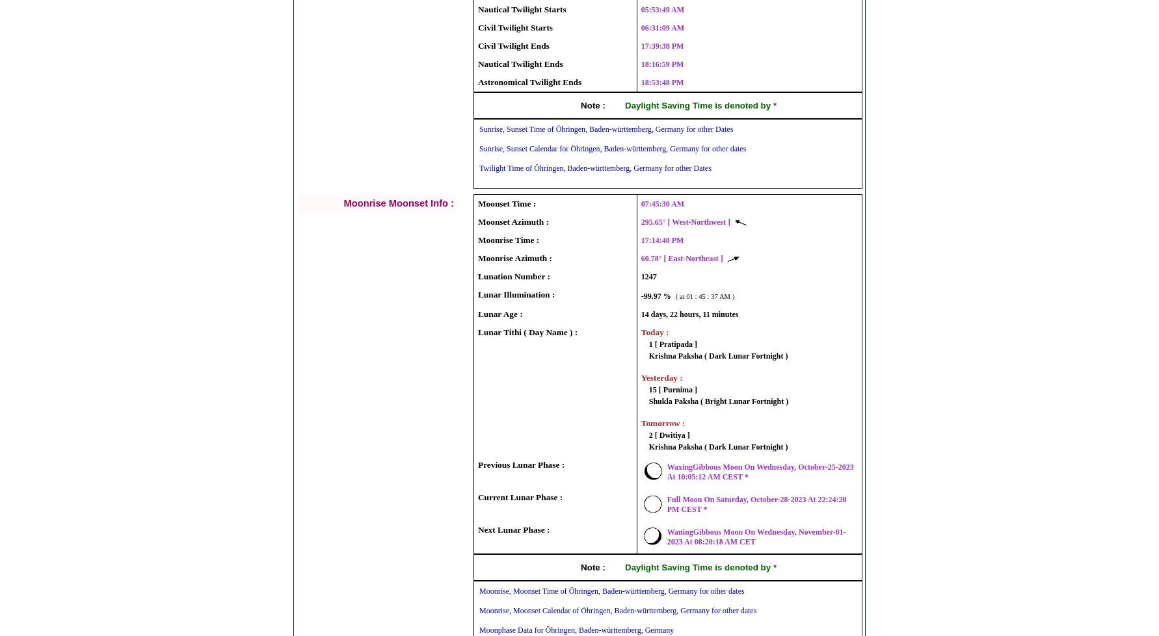  Describe the element at coordinates (639, 257) in the screenshot. I see `'60.78° [ East-Northeast ]'` at that location.